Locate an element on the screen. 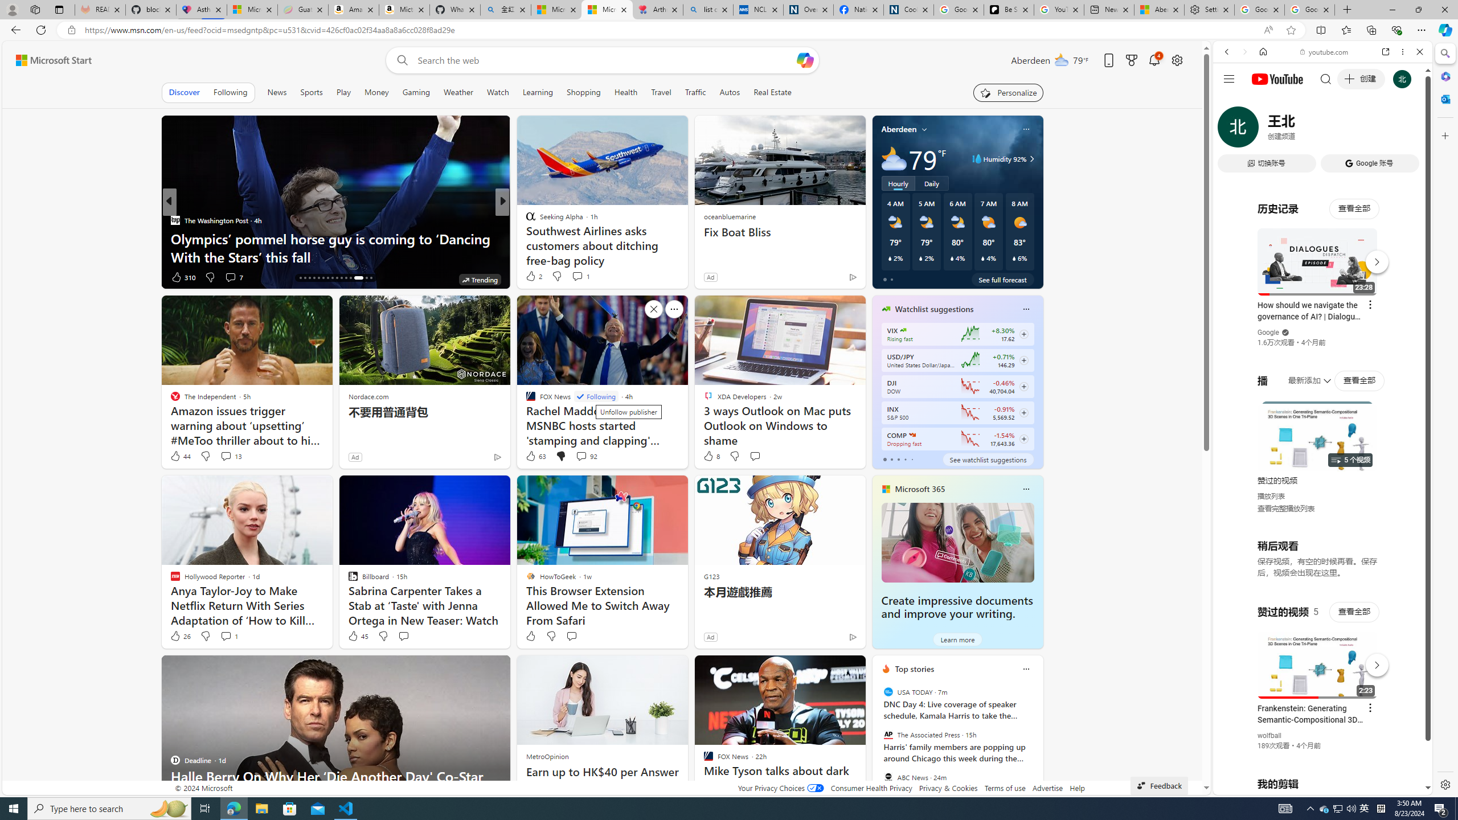  'tab-0' is located at coordinates (884, 460).